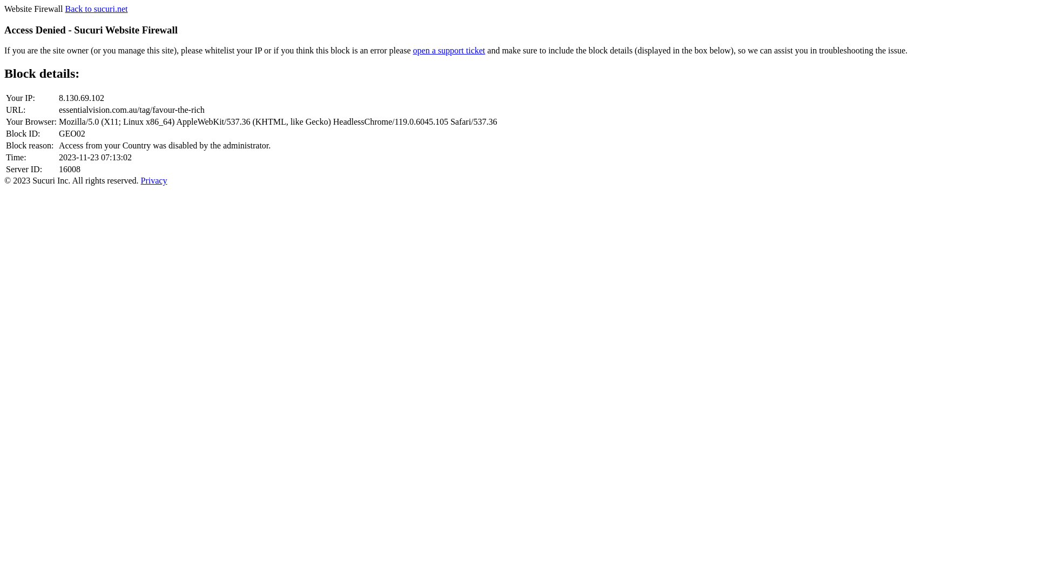  What do you see at coordinates (412, 50) in the screenshot?
I see `'open a support ticket'` at bounding box center [412, 50].